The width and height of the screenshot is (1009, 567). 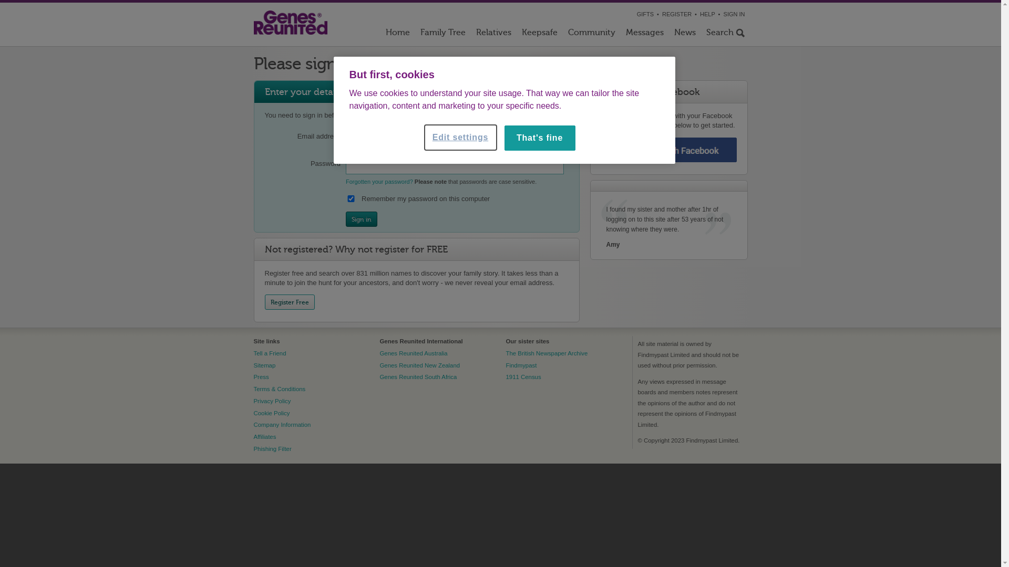 What do you see at coordinates (264, 364) in the screenshot?
I see `'Sitemap'` at bounding box center [264, 364].